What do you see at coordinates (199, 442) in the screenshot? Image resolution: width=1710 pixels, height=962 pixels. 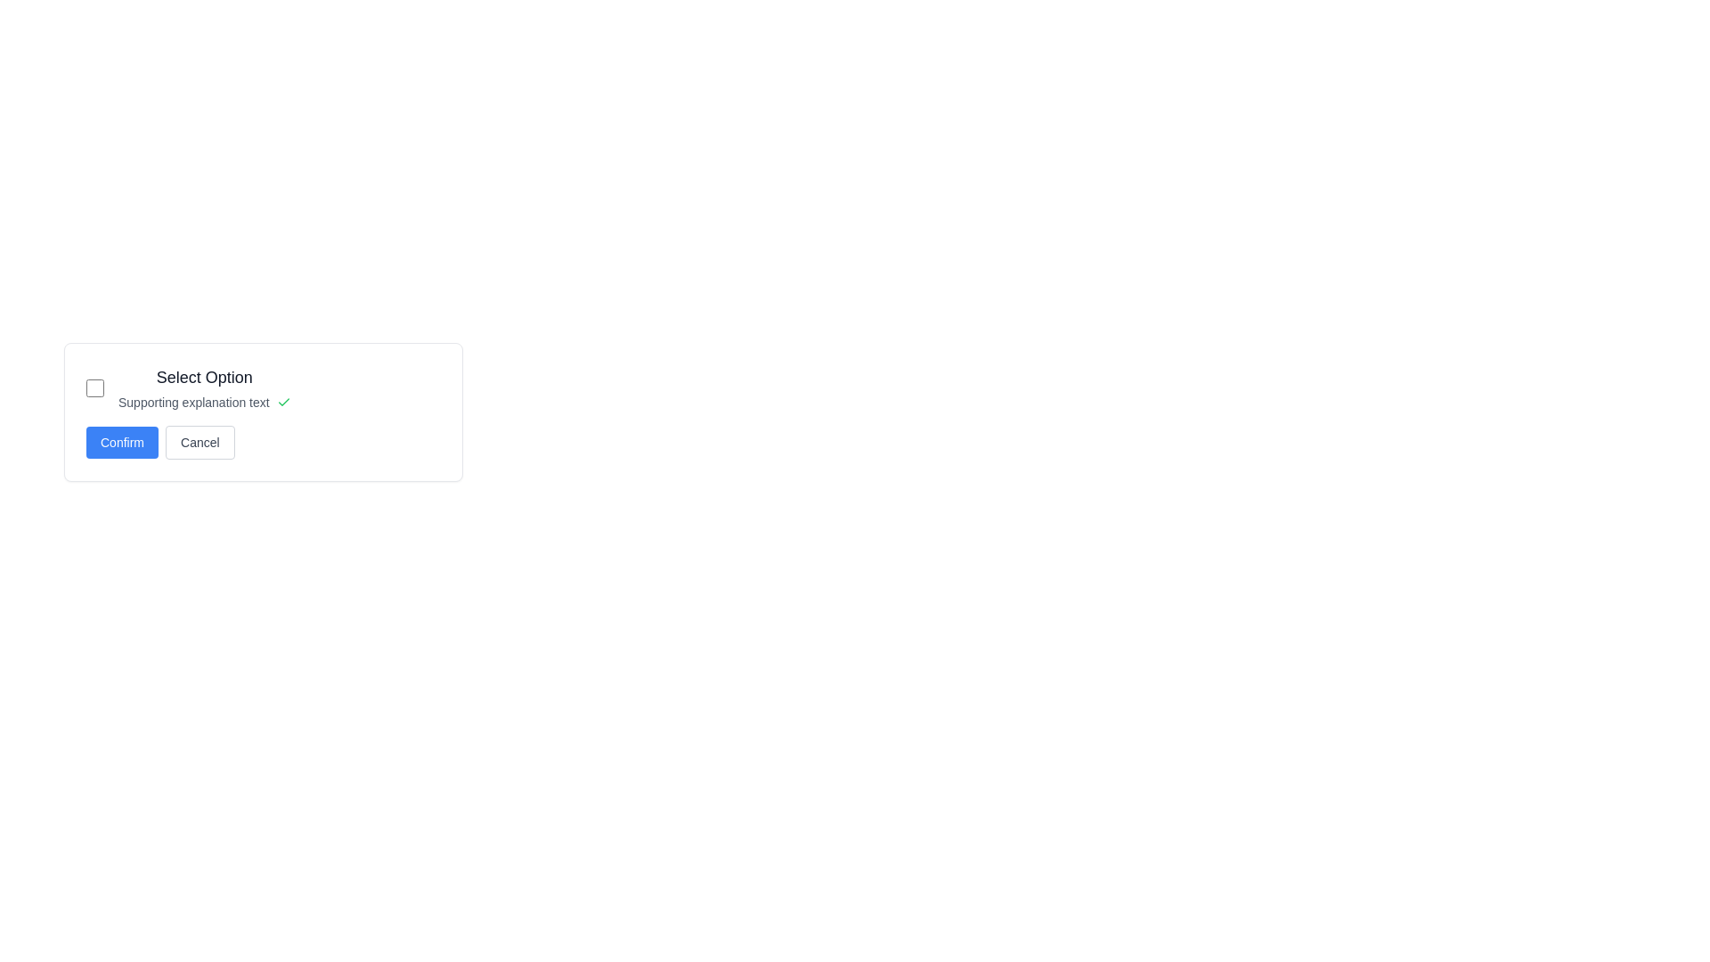 I see `the 'Cancel' button, which is a rounded rectangle with a gray border and a light hover effect, located to the right of the 'Confirm' button` at bounding box center [199, 442].